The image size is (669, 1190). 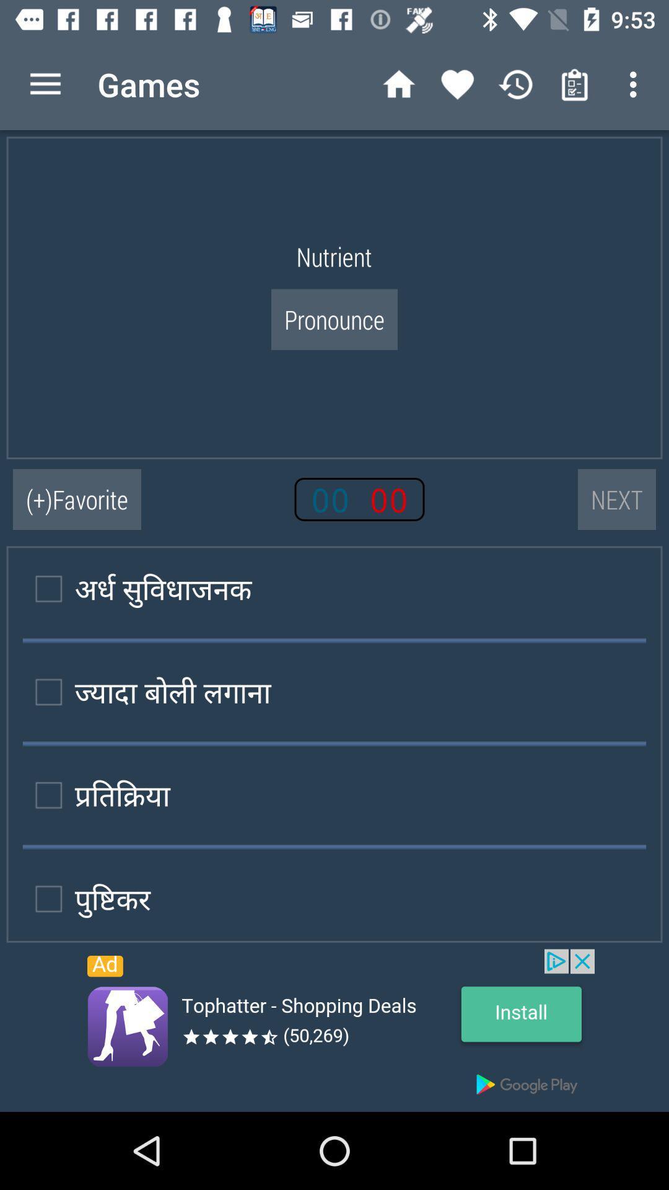 I want to click on advertisement website, so click(x=334, y=1030).